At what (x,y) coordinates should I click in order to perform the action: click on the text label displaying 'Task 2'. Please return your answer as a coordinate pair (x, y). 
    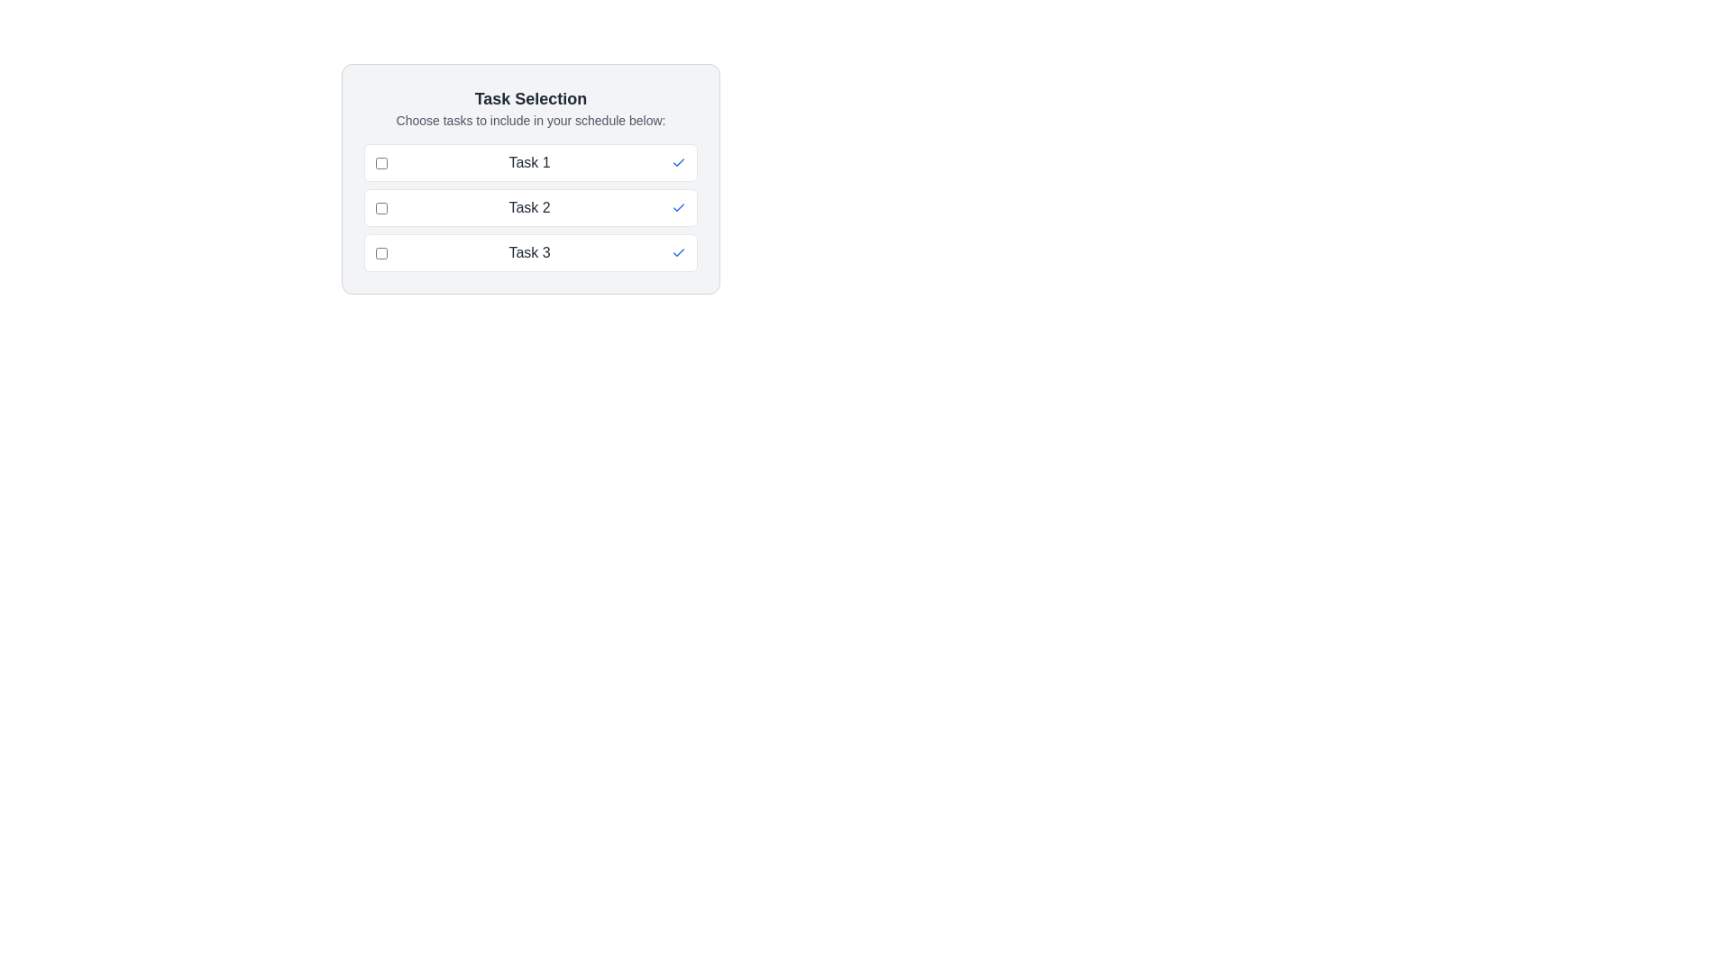
    Looking at the image, I should click on (528, 207).